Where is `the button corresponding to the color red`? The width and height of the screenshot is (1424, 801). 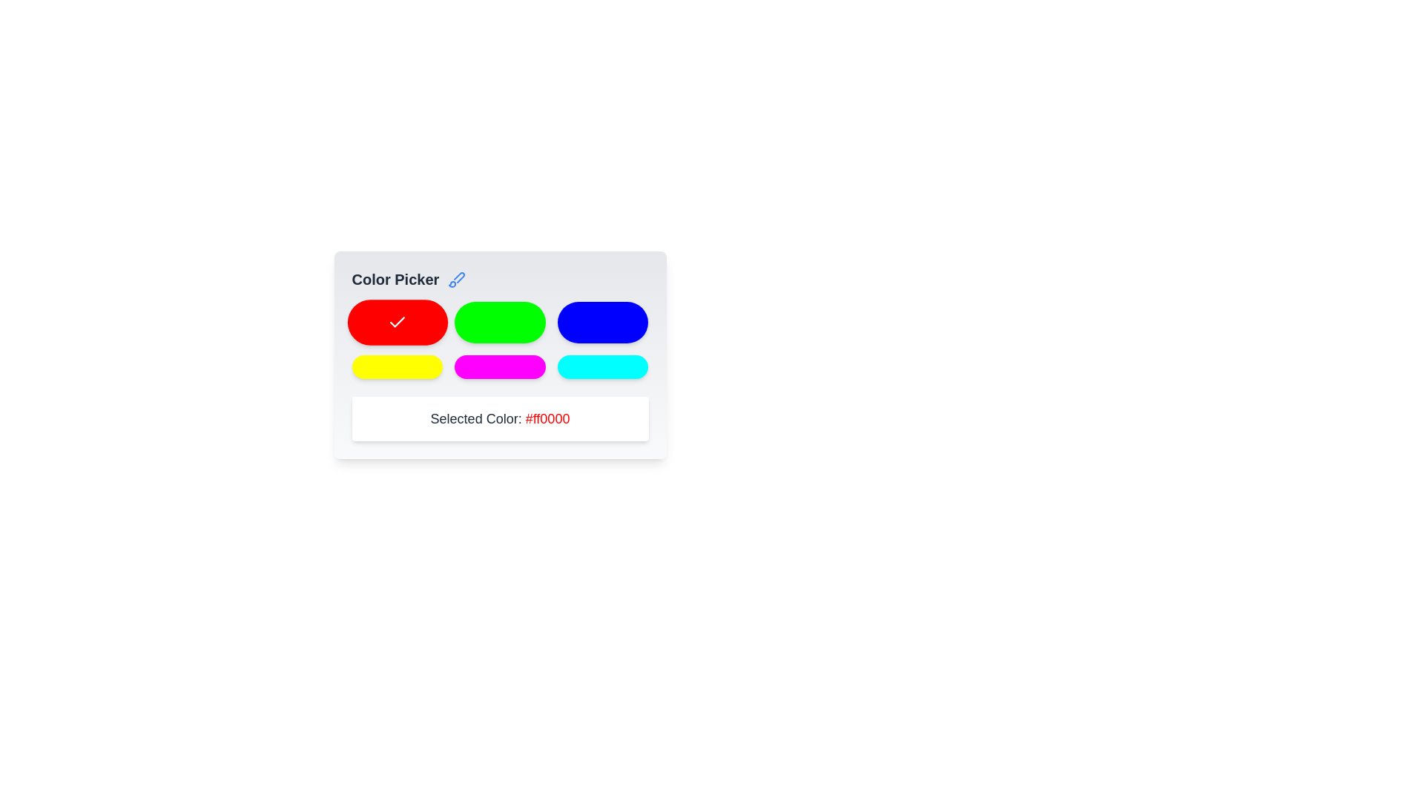
the button corresponding to the color red is located at coordinates (397, 322).